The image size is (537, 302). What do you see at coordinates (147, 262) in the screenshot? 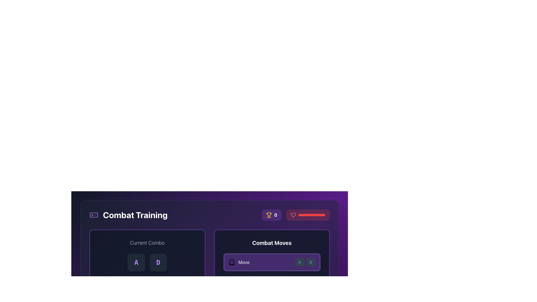
I see `the 'A' button in the 'Current Combo' interactive button group` at bounding box center [147, 262].